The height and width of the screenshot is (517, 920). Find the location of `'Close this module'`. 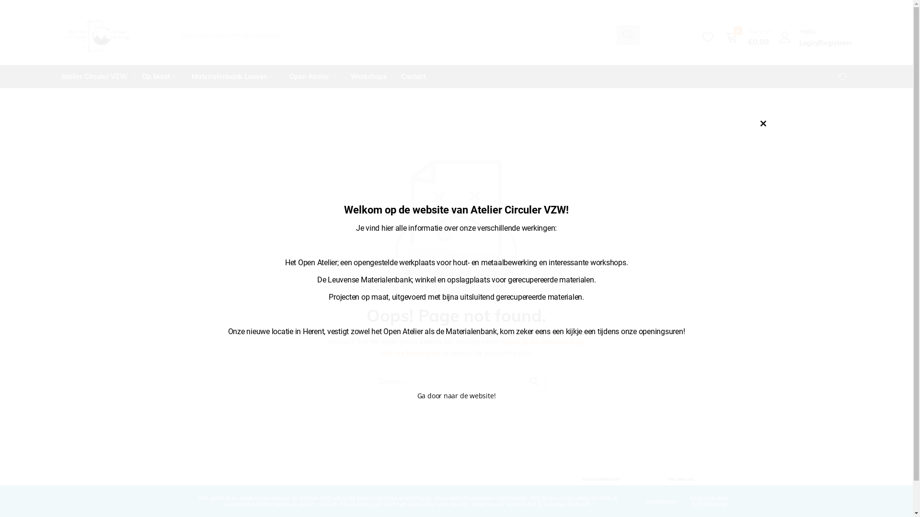

'Close this module' is located at coordinates (763, 123).